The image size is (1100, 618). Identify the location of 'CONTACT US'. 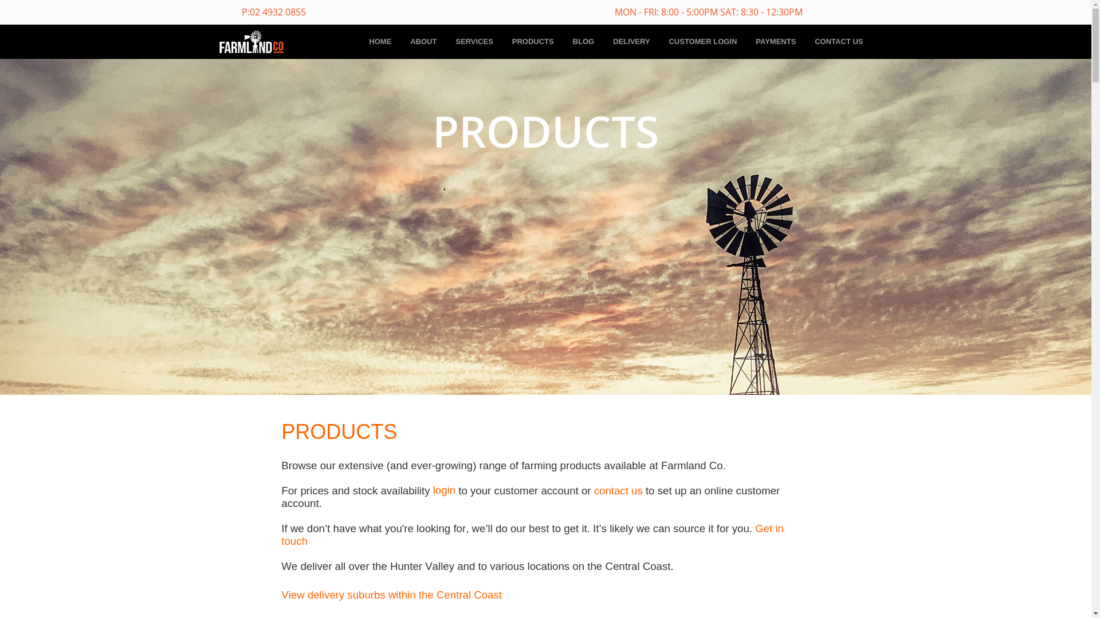
(839, 41).